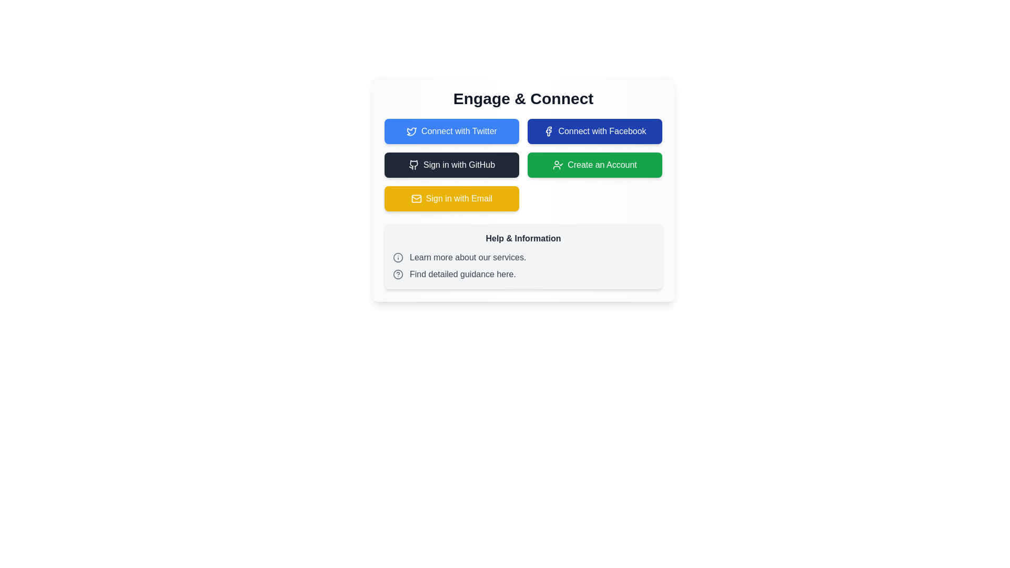 This screenshot has height=568, width=1010. What do you see at coordinates (548, 131) in the screenshot?
I see `the Facebook icon, which features a white lowercase 'f' on a blue circular background, located to the left of the 'Connect with Facebook' text` at bounding box center [548, 131].